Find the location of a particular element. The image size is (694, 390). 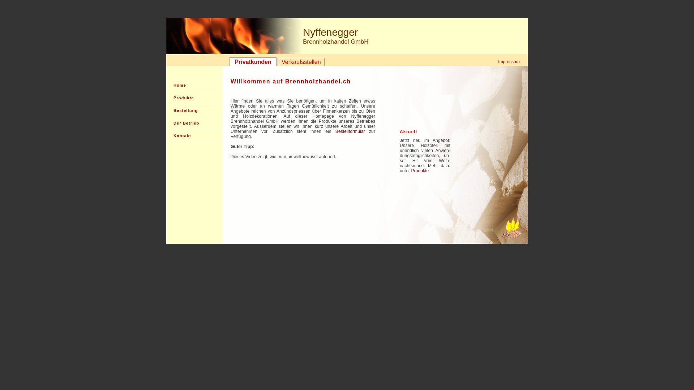

'Privatkunden' is located at coordinates (253, 61).